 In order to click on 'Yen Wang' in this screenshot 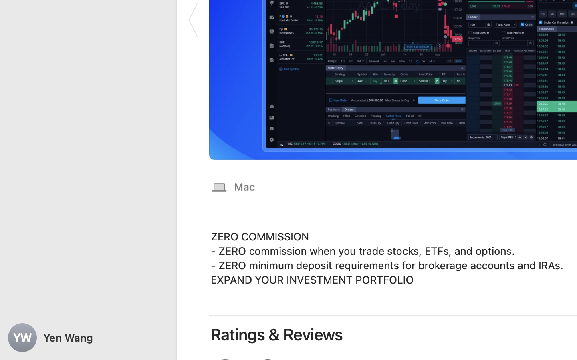, I will do `click(88, 338)`.